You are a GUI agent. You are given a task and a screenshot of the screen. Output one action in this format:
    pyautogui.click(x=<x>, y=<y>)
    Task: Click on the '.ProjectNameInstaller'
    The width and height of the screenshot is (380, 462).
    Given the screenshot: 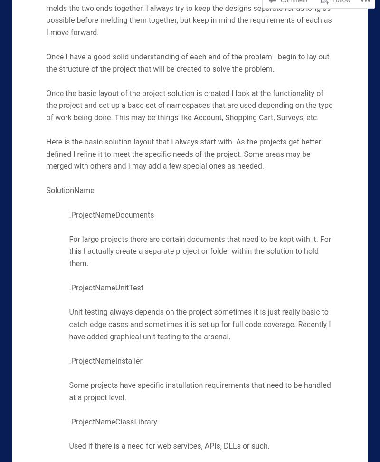 What is the action you would take?
    pyautogui.click(x=105, y=360)
    